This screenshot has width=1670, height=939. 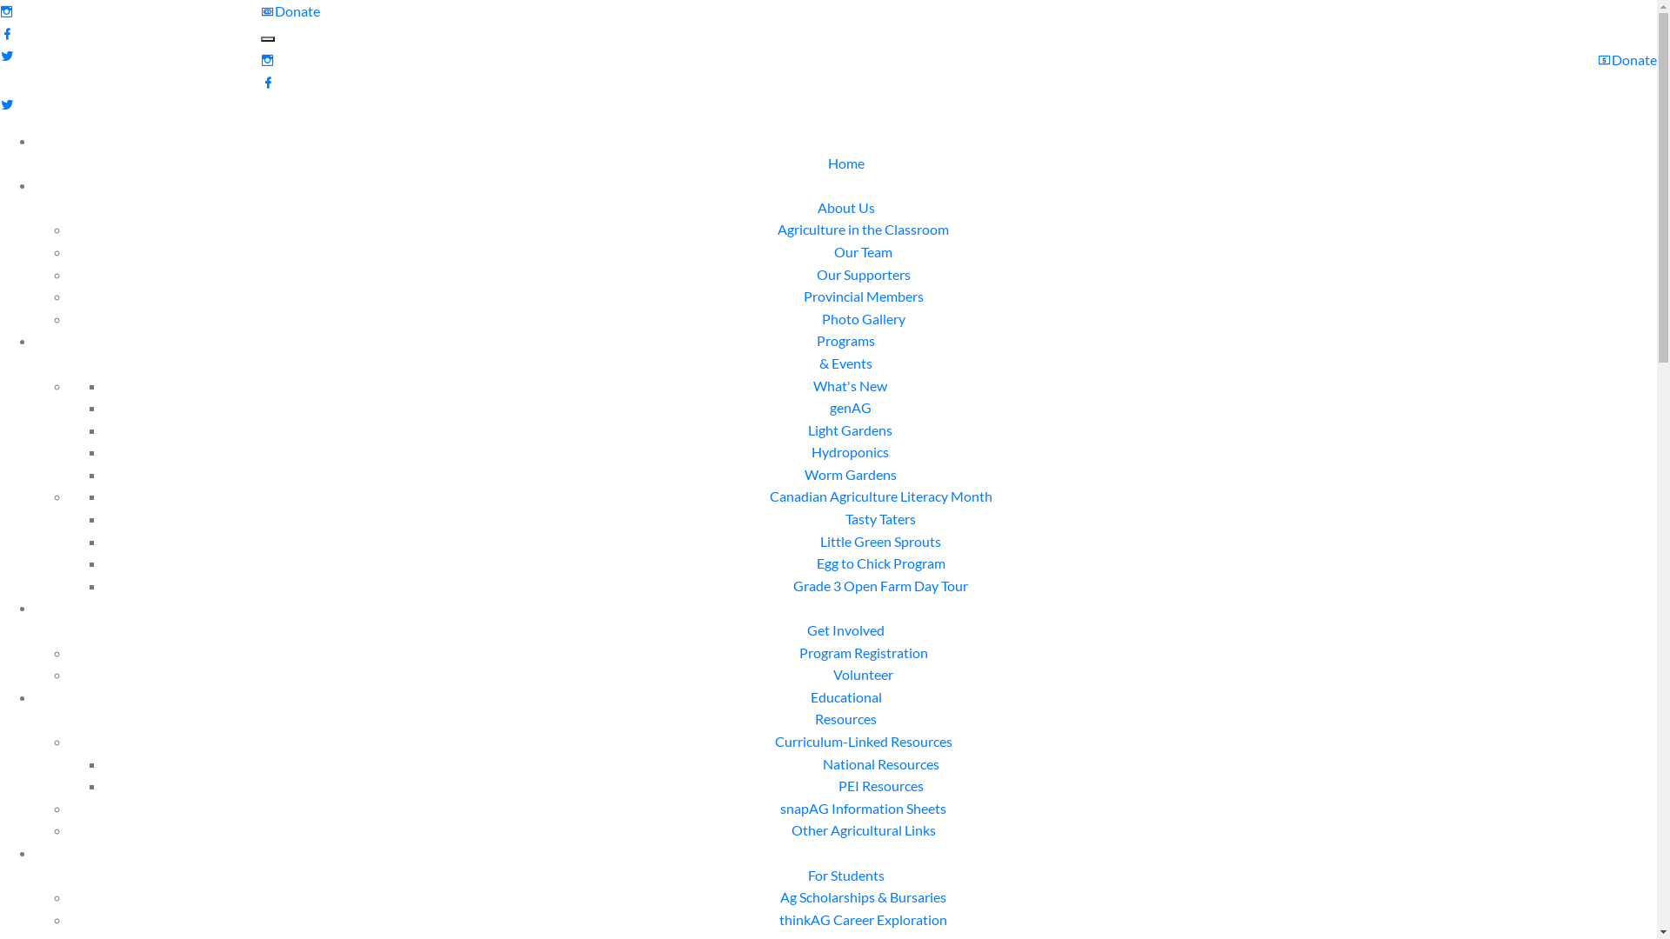 I want to click on 'Little Green Sprouts', so click(x=880, y=540).